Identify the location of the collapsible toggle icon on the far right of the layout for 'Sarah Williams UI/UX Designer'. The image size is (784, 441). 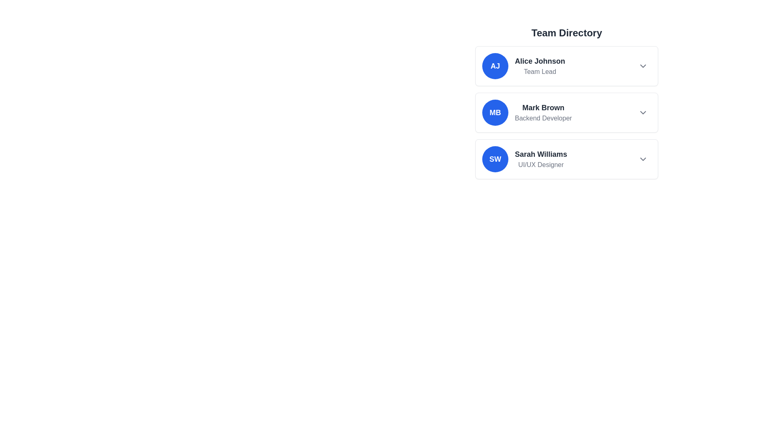
(642, 159).